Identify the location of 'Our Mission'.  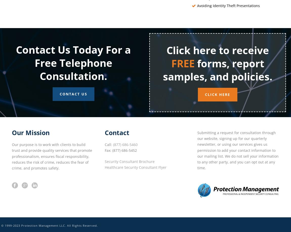
(30, 132).